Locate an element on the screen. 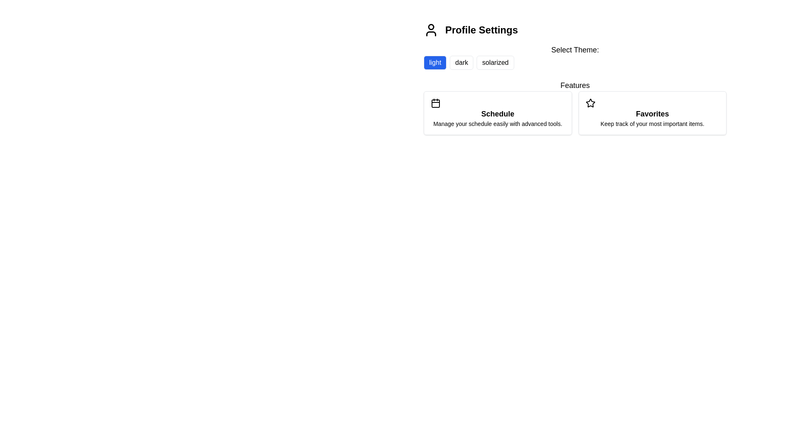 This screenshot has width=793, height=446. the static text element that reads 'Keep track of your most important items.' located below the 'Favorites' heading is located at coordinates (652, 124).